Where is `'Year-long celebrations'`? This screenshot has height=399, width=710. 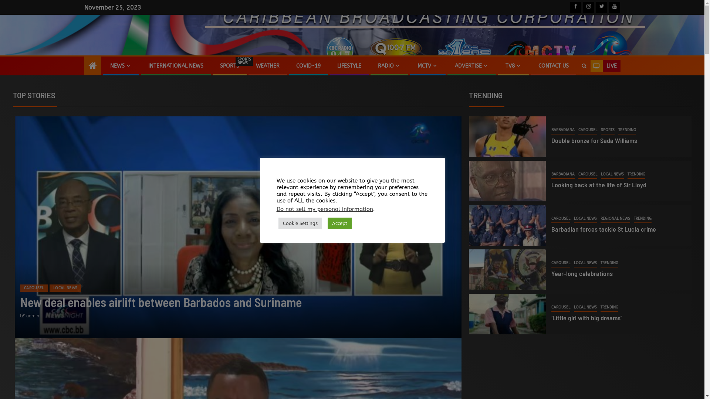 'Year-long celebrations' is located at coordinates (582, 273).